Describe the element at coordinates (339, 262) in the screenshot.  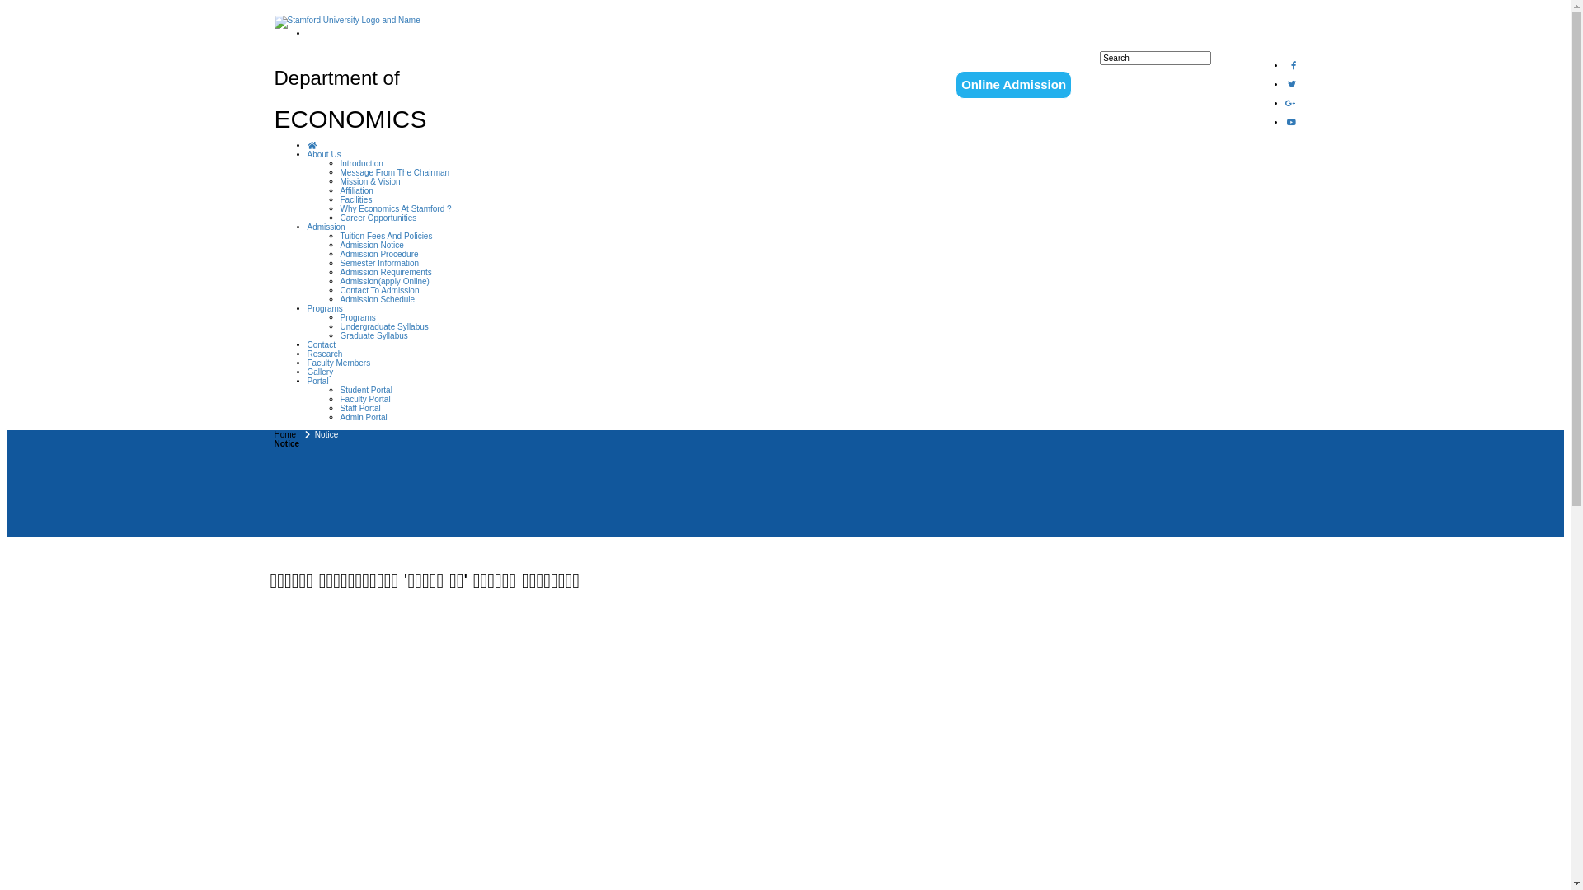
I see `'Semester Information'` at that location.